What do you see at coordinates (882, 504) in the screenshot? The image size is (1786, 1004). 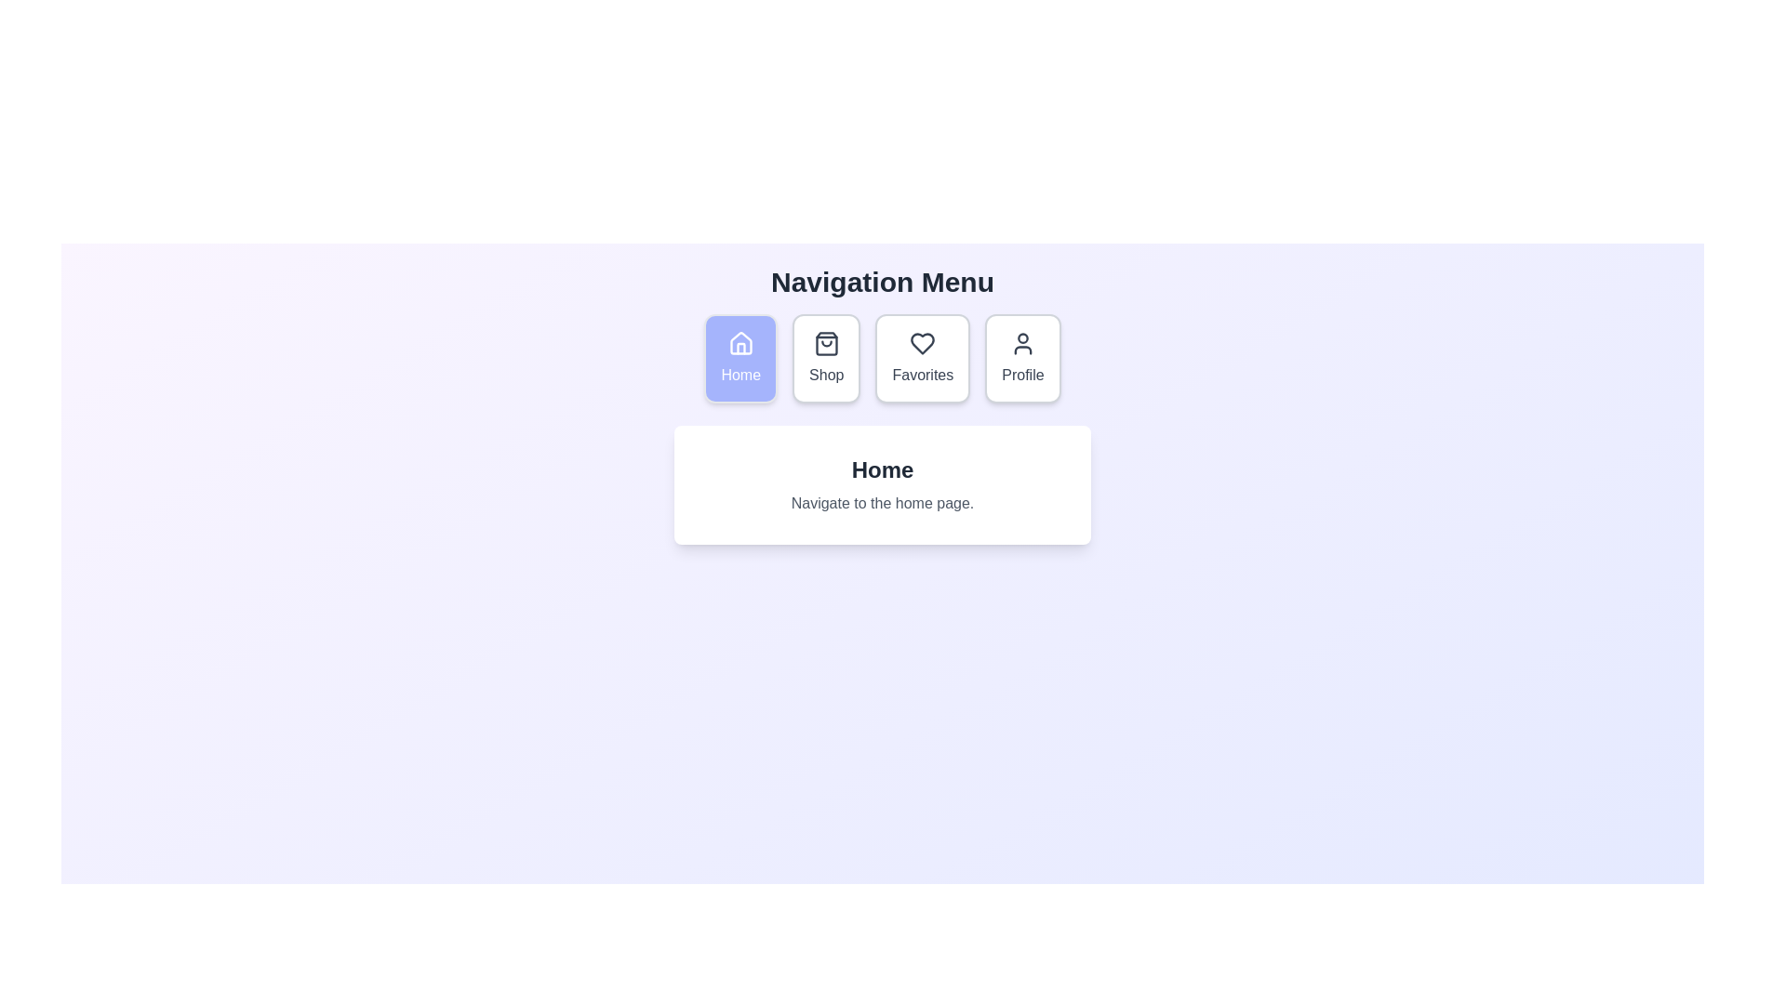 I see `the text element that reads 'Navigate to the home page.' which is displayed in a smaller, lighter gray font and is positioned directly beneath the bold heading 'Home'` at bounding box center [882, 504].